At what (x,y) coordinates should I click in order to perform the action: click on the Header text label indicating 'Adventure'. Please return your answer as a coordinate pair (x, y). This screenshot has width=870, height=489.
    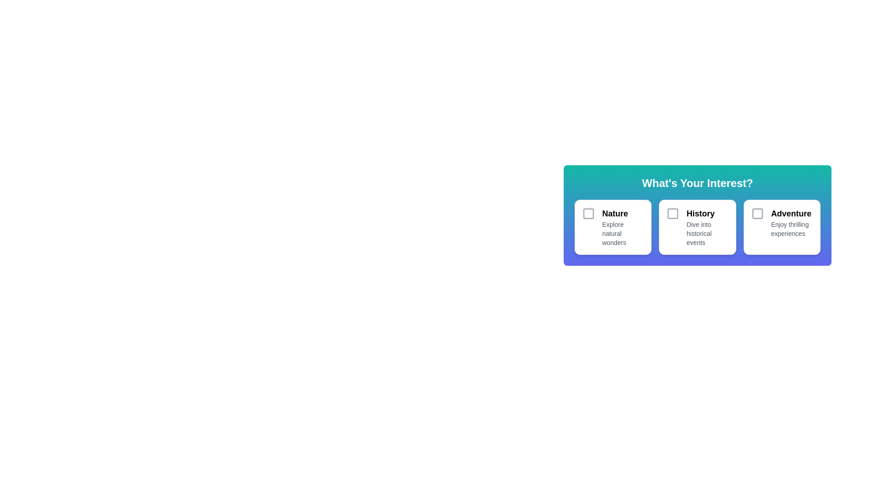
    Looking at the image, I should click on (791, 213).